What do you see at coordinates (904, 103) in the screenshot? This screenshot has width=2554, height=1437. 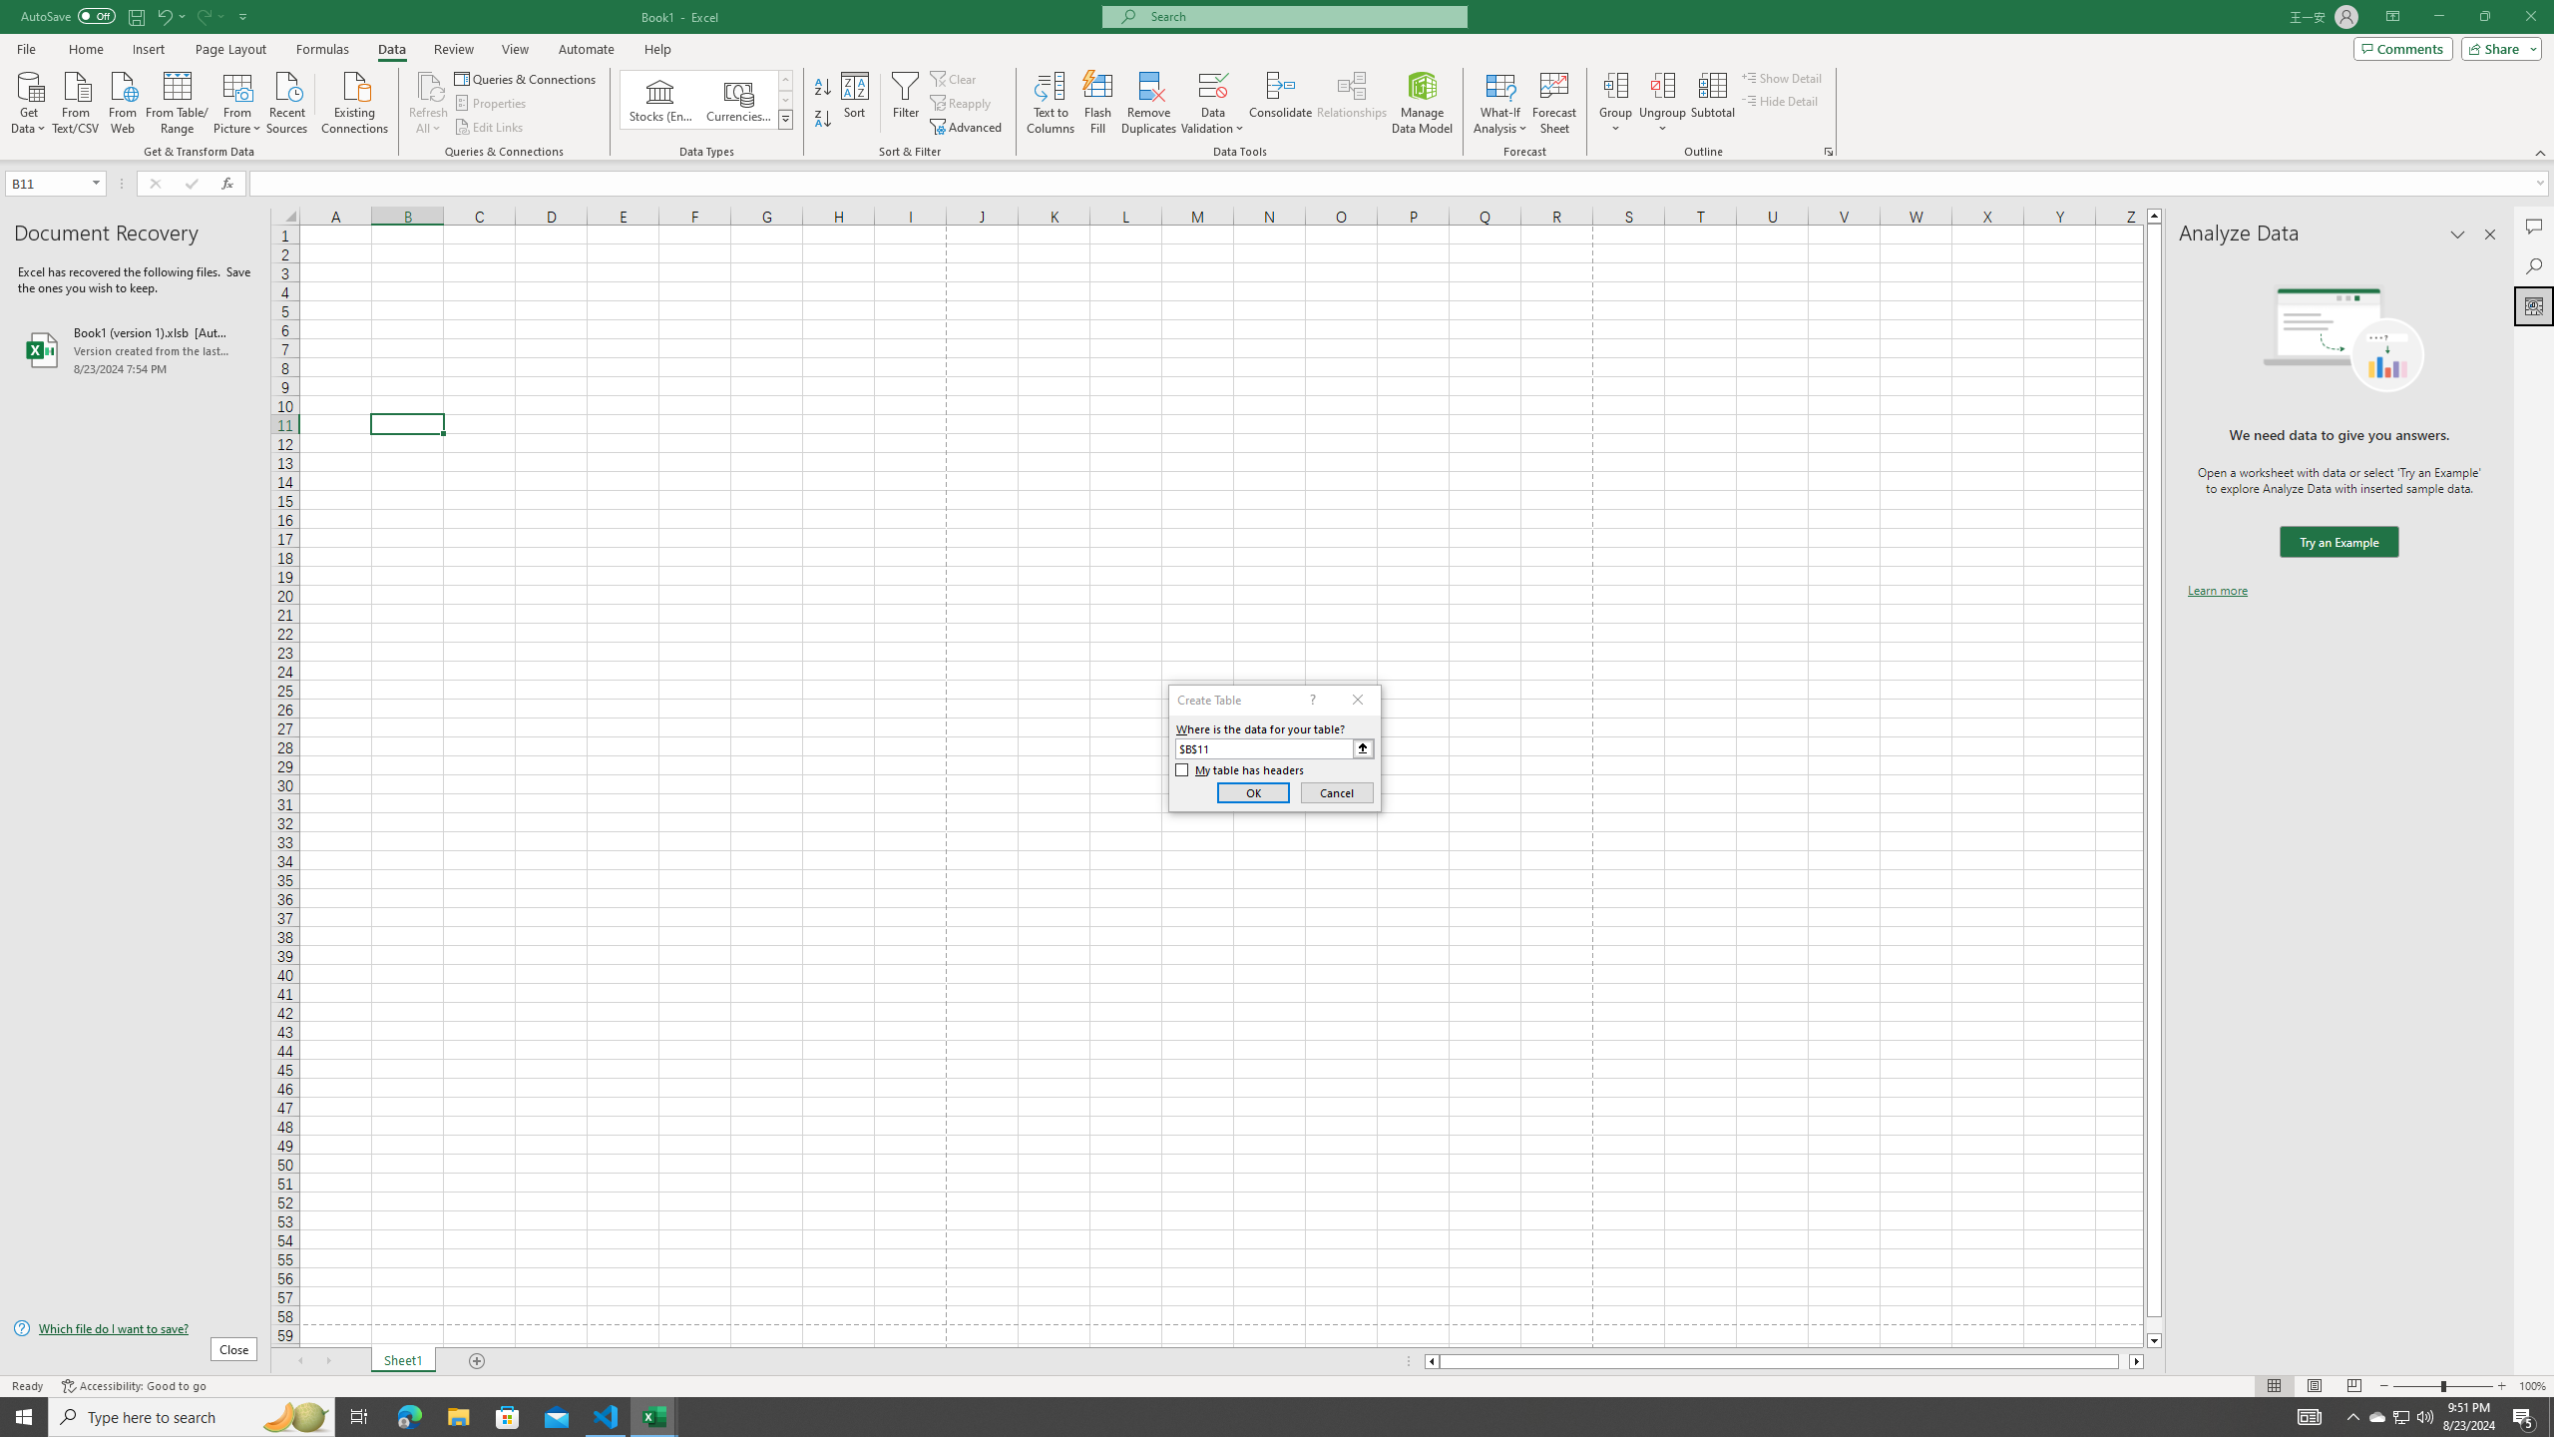 I see `'Filter'` at bounding box center [904, 103].